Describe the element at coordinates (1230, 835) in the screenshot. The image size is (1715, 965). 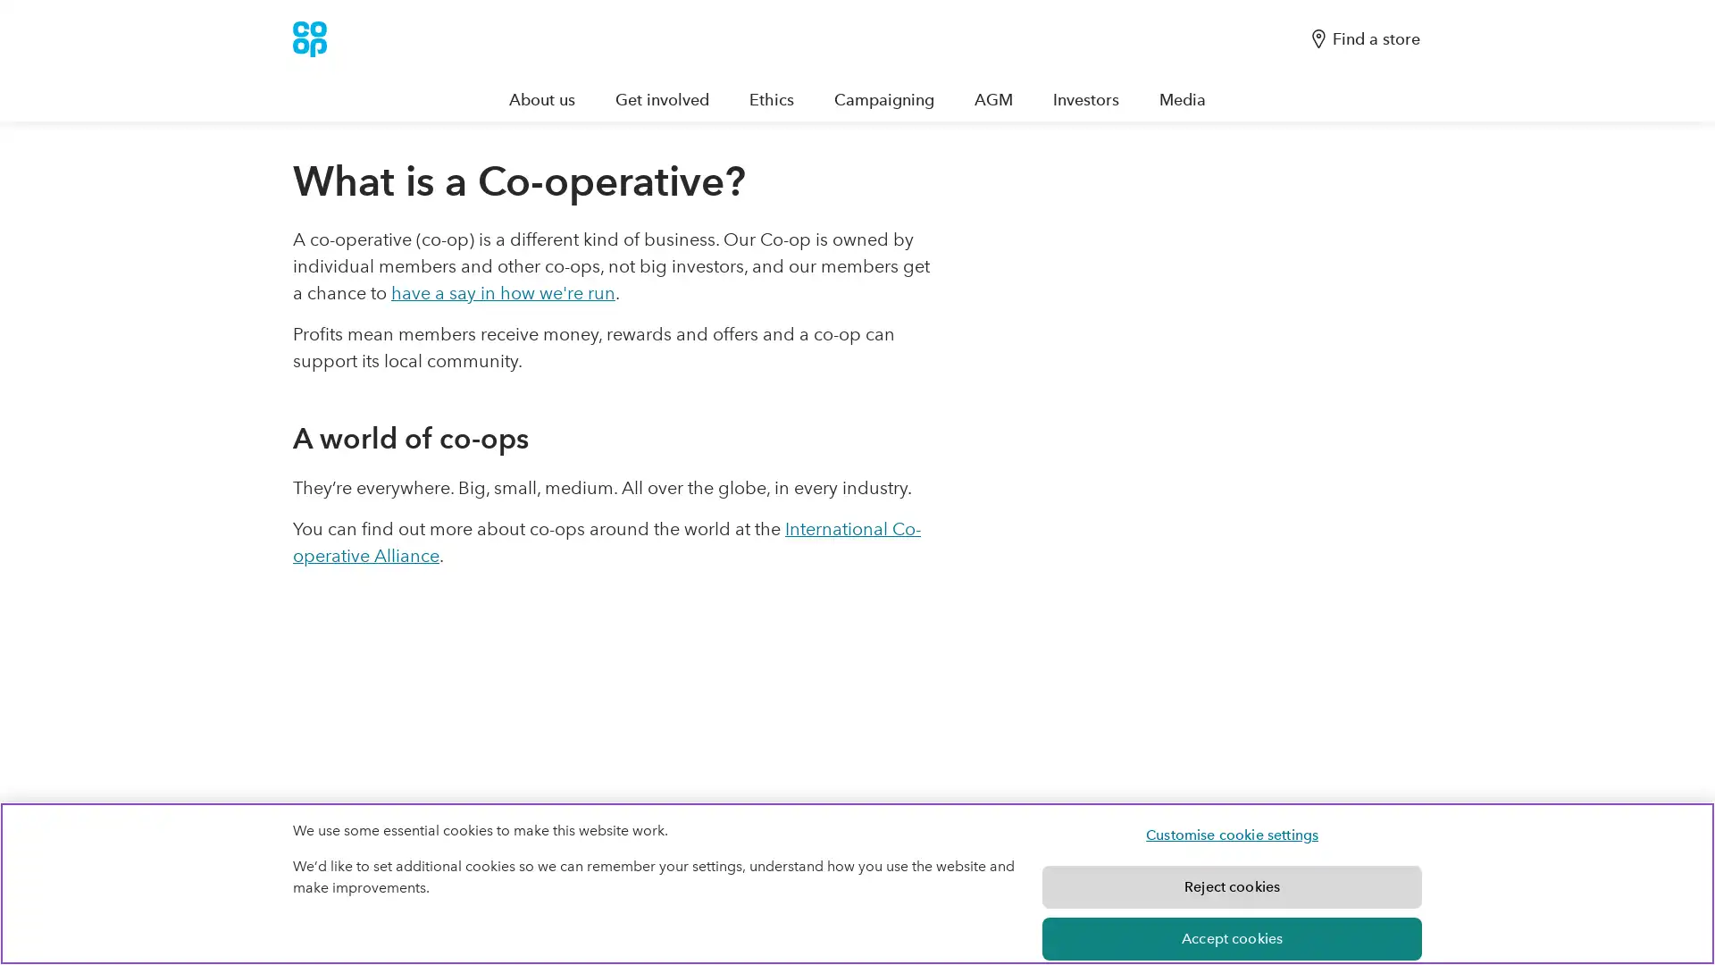
I see `Customise cookie settings` at that location.